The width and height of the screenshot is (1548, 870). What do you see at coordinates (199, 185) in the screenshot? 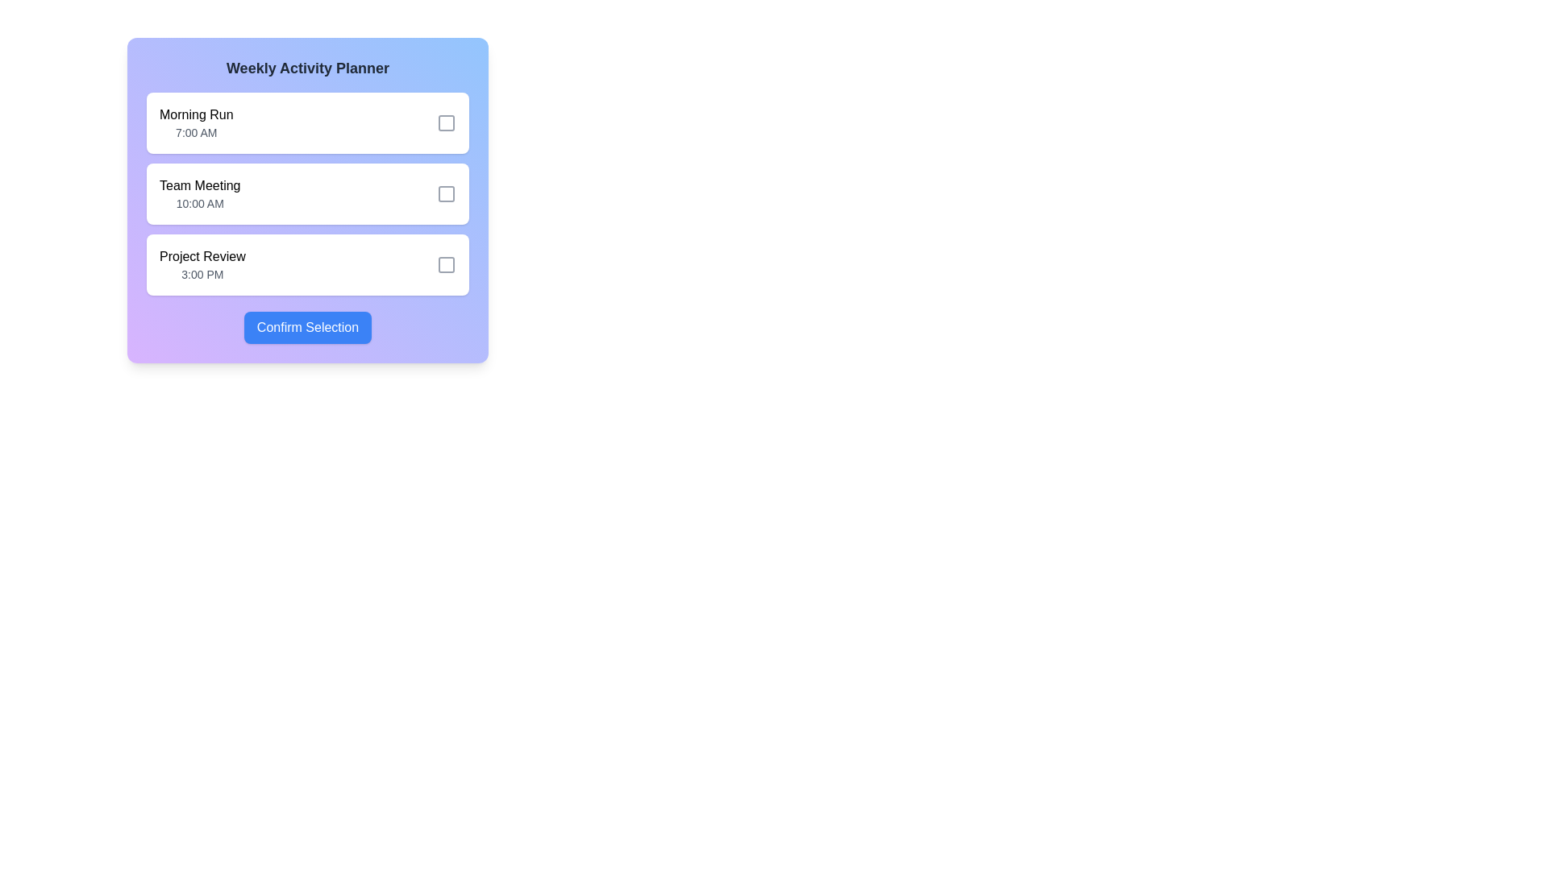
I see `the text label that serves as the title of a scheduled activity, which is located in the second entry of a vertically stacked list, centrally aligned above the time '10:00 AM'` at bounding box center [199, 185].